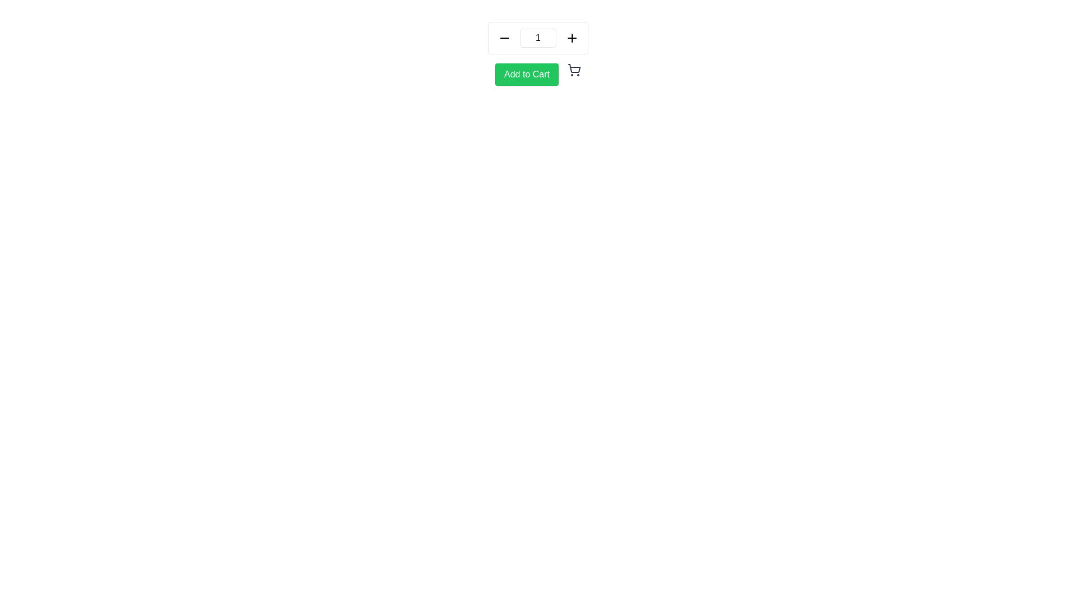  Describe the element at coordinates (572, 38) in the screenshot. I see `the rightmost button with a white background and a black plus icon to increase the value in the adjacent input field displaying the number '1'` at that location.